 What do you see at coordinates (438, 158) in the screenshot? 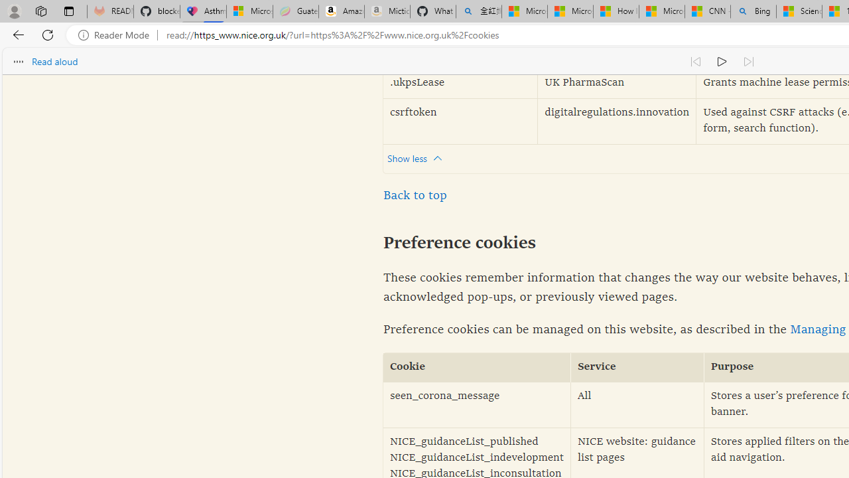
I see `'Class: __reading_mode_collapse_button_chevron_up'` at bounding box center [438, 158].